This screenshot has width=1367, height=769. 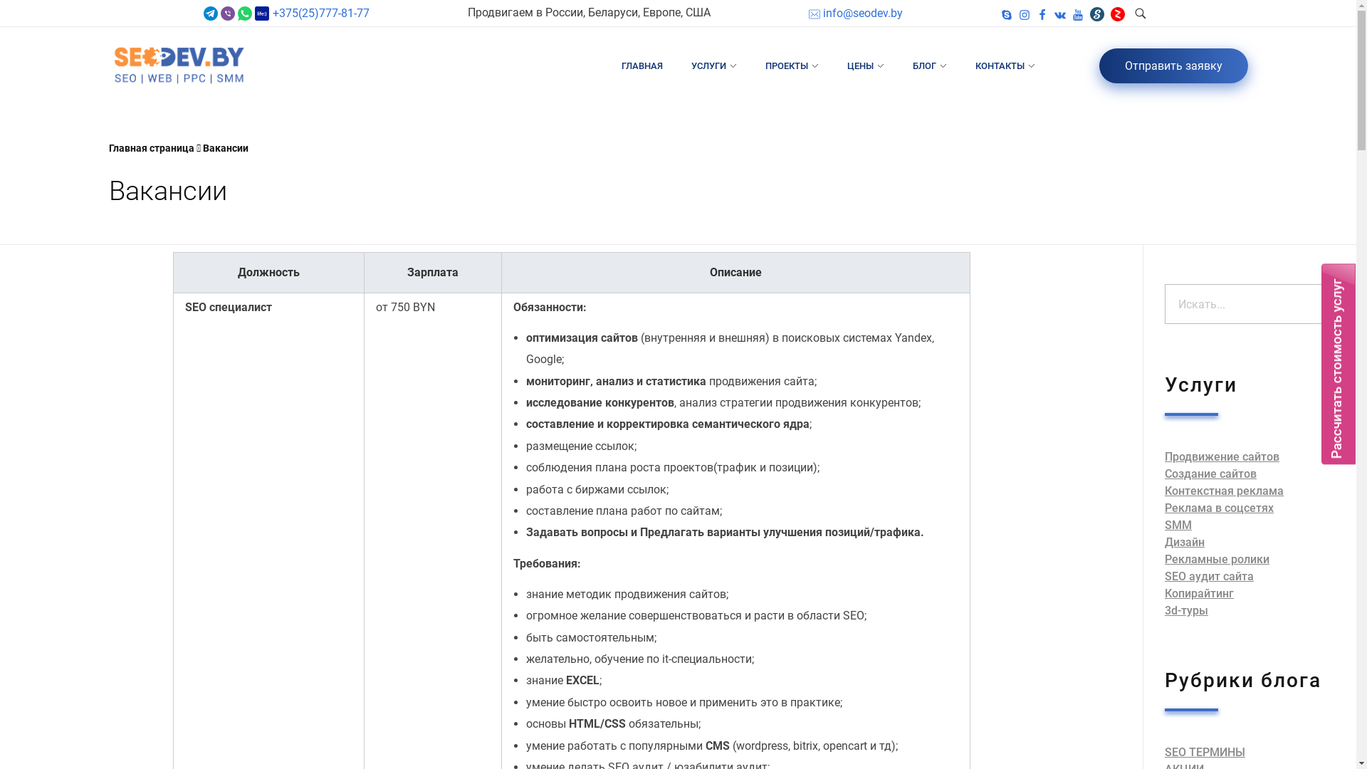 I want to click on 'SMM', so click(x=1165, y=525).